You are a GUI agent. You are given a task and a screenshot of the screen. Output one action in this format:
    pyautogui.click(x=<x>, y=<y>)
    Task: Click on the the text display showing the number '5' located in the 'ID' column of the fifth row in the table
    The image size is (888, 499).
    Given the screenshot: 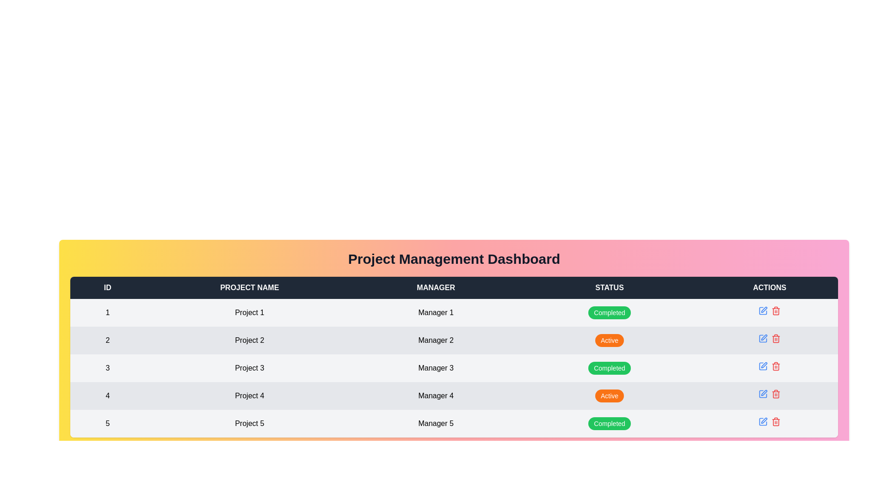 What is the action you would take?
    pyautogui.click(x=107, y=424)
    